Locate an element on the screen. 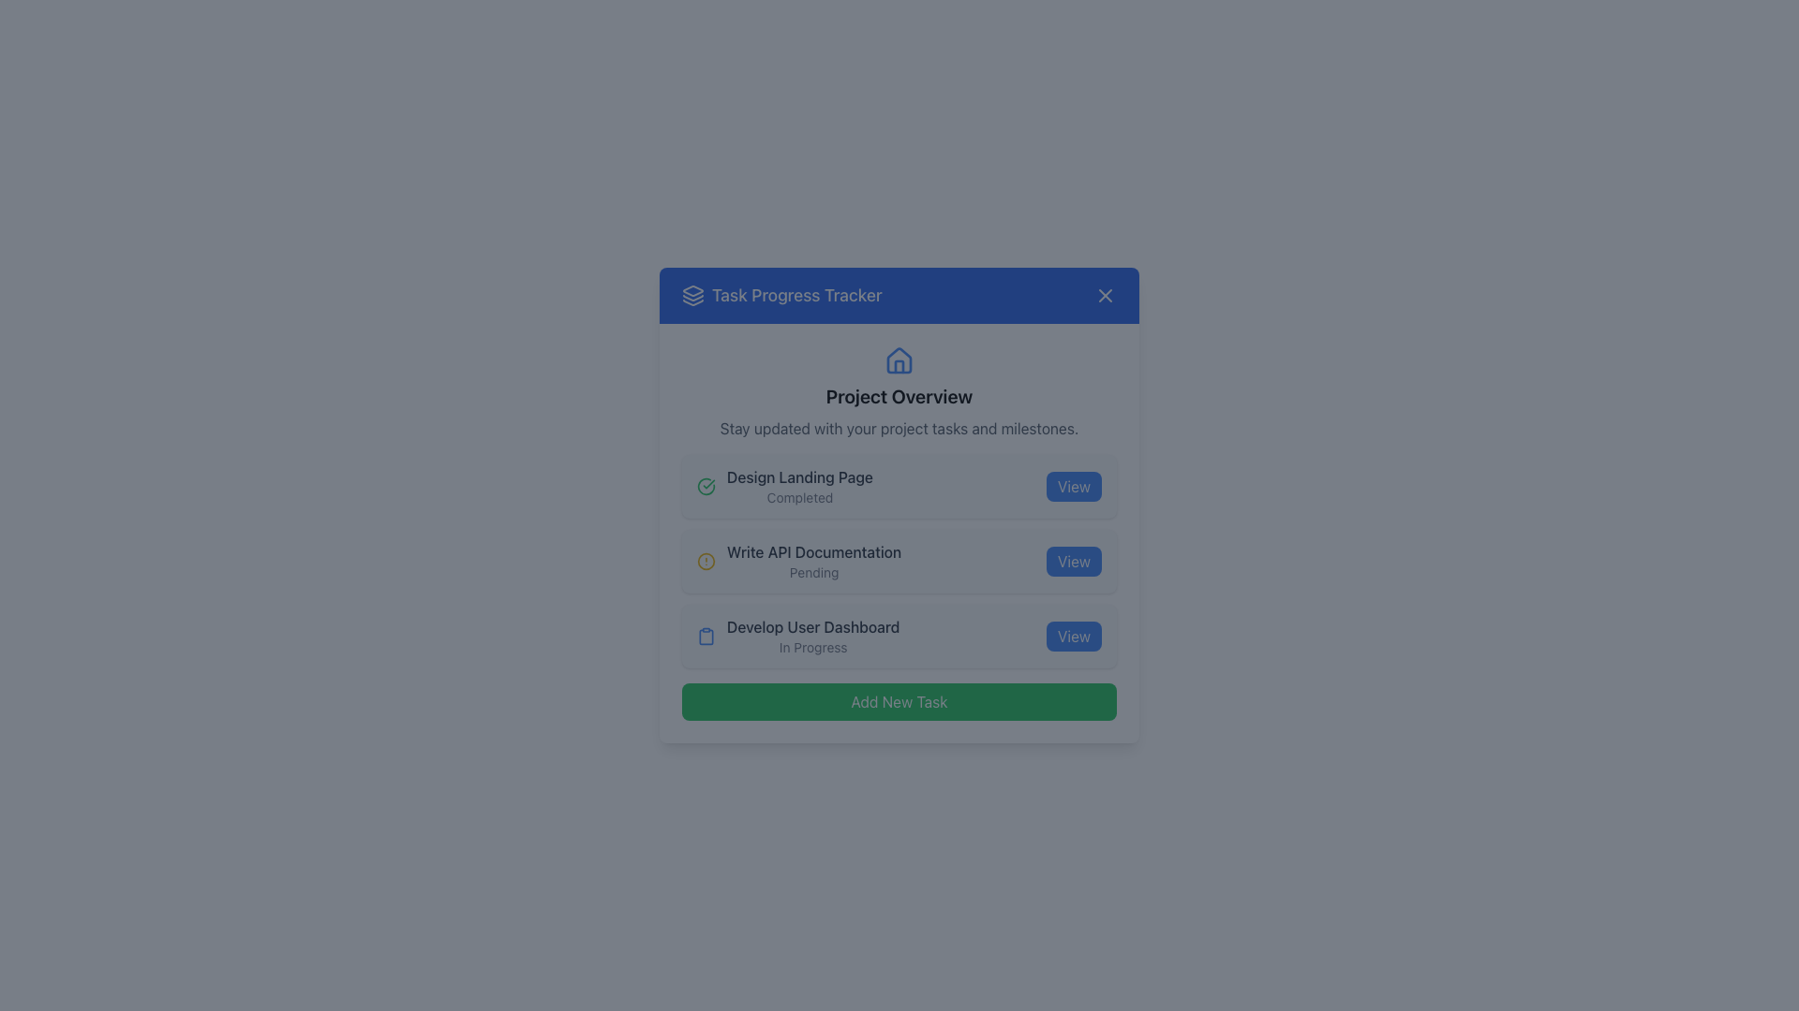 The width and height of the screenshot is (1799, 1011). the visual indicator icon representing the task 'Develop User Dashboard' located to the left of the text 'Develop User Dashboard' and 'In Progress' in the 'Task Progress Tracker' modal interface is located at coordinates (705, 635).